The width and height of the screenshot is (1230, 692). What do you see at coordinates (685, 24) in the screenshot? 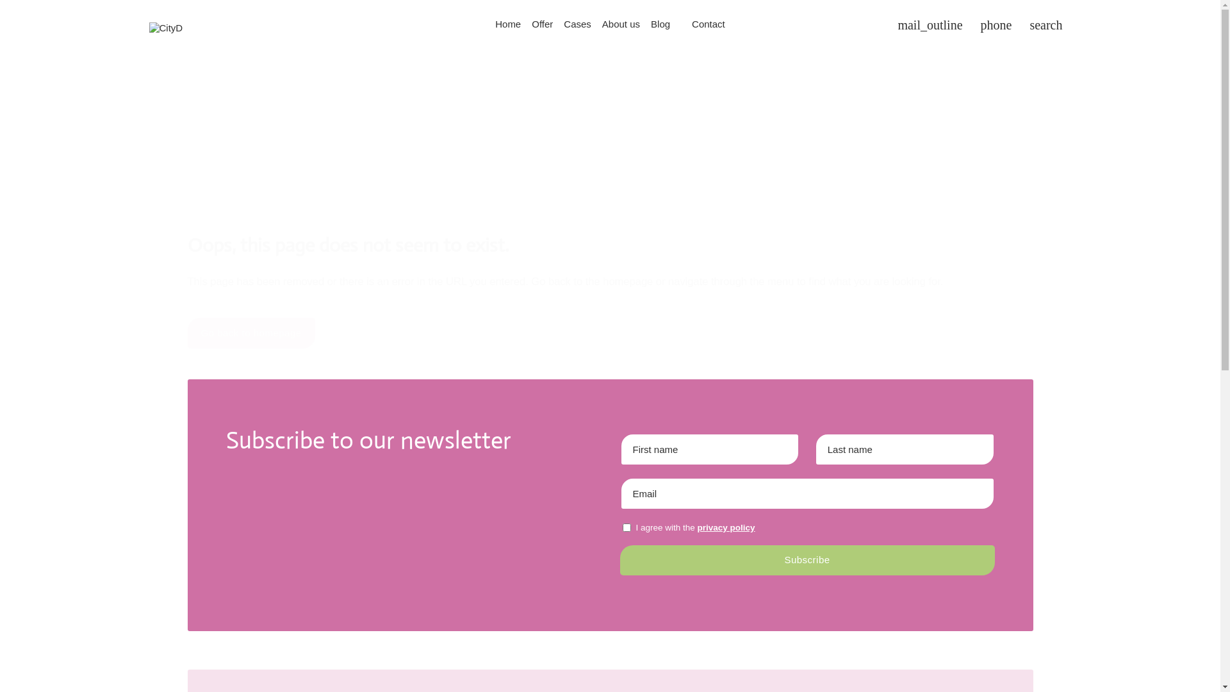
I see `'Contact'` at bounding box center [685, 24].